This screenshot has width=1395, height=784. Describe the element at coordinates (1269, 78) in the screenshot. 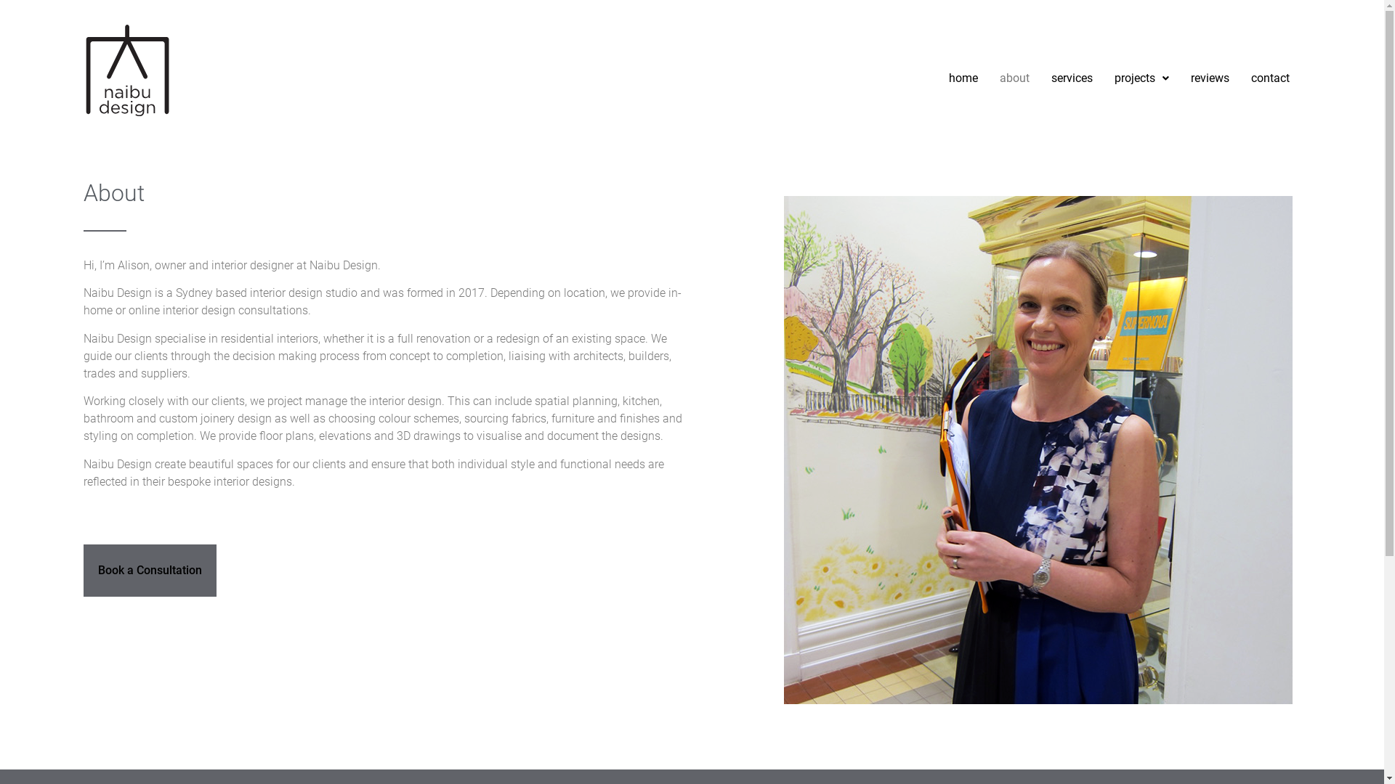

I see `'contact'` at that location.